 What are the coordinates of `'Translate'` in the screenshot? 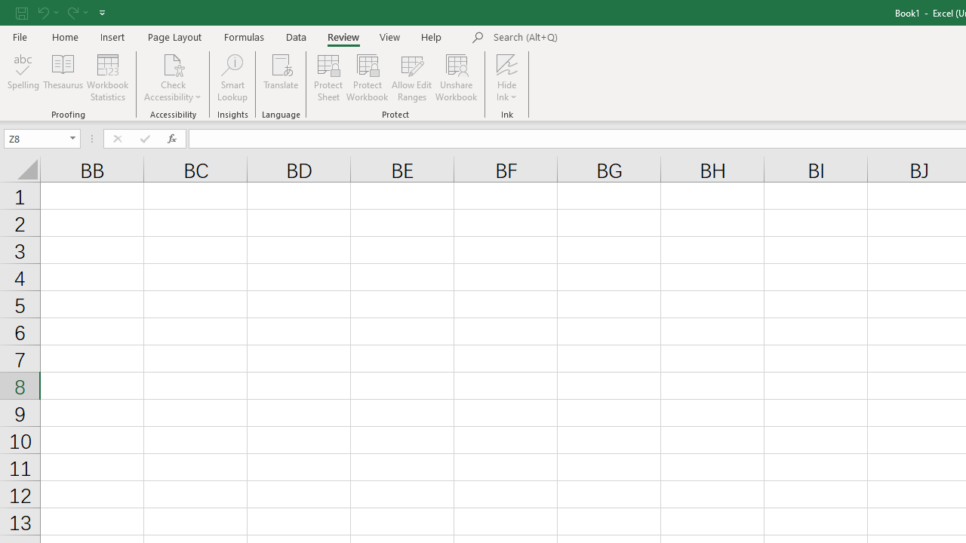 It's located at (281, 78).